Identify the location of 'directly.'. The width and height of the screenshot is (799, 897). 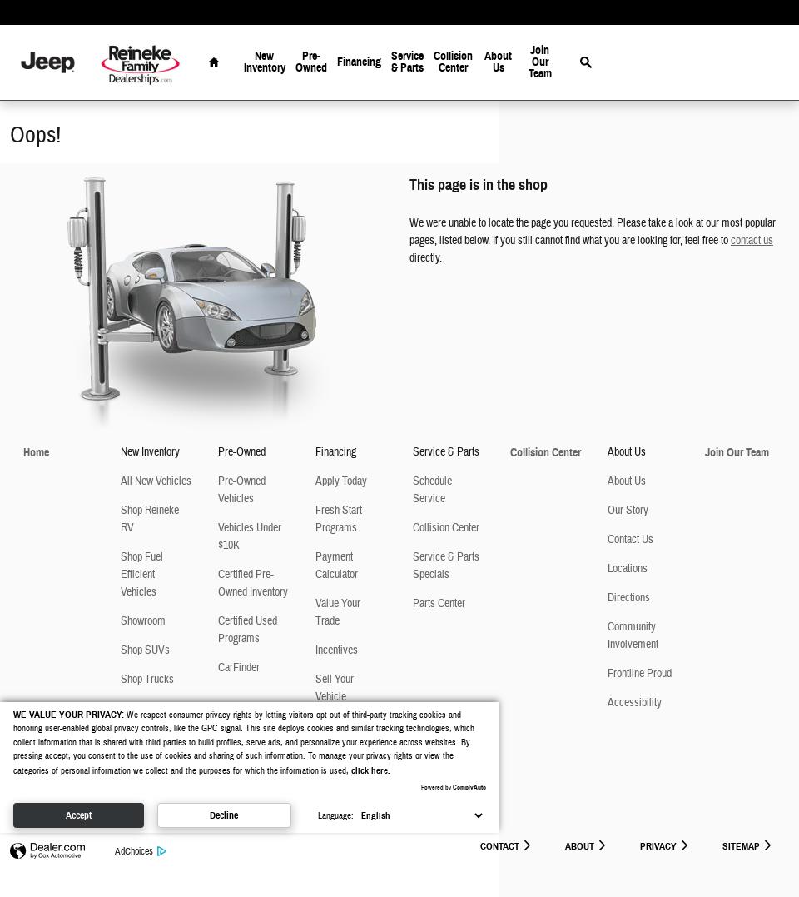
(424, 257).